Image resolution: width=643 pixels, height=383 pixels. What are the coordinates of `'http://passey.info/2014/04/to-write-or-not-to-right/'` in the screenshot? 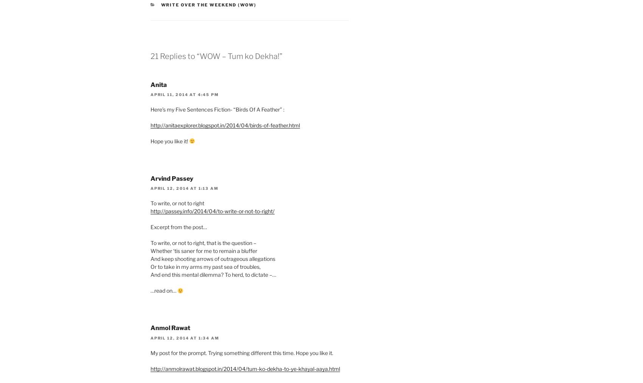 It's located at (212, 211).